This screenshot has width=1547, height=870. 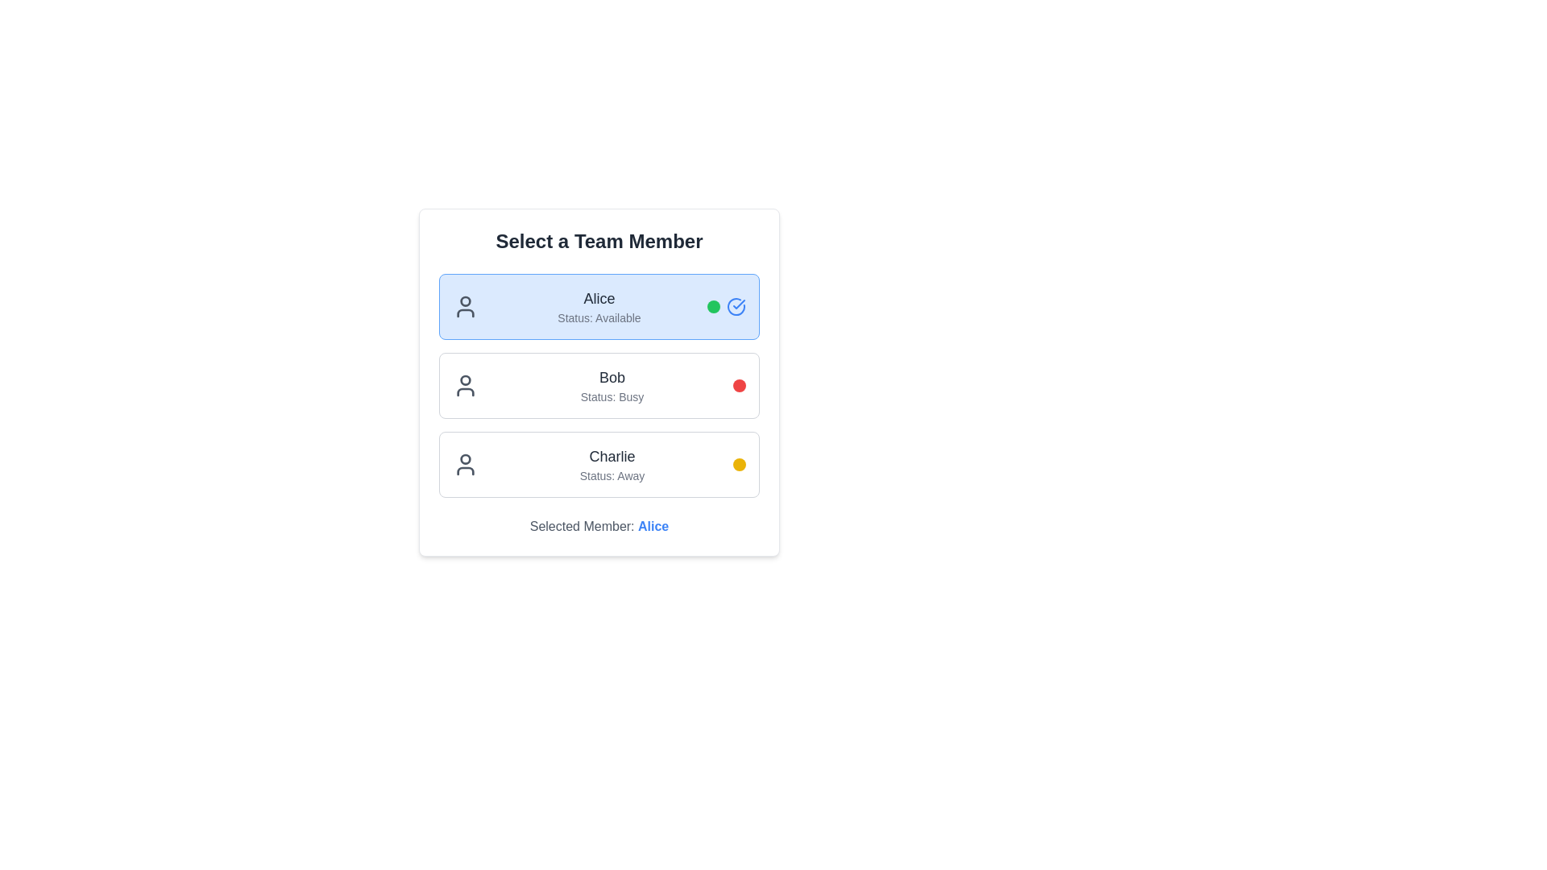 I want to click on the button representing team member 'Alice', so click(x=599, y=307).